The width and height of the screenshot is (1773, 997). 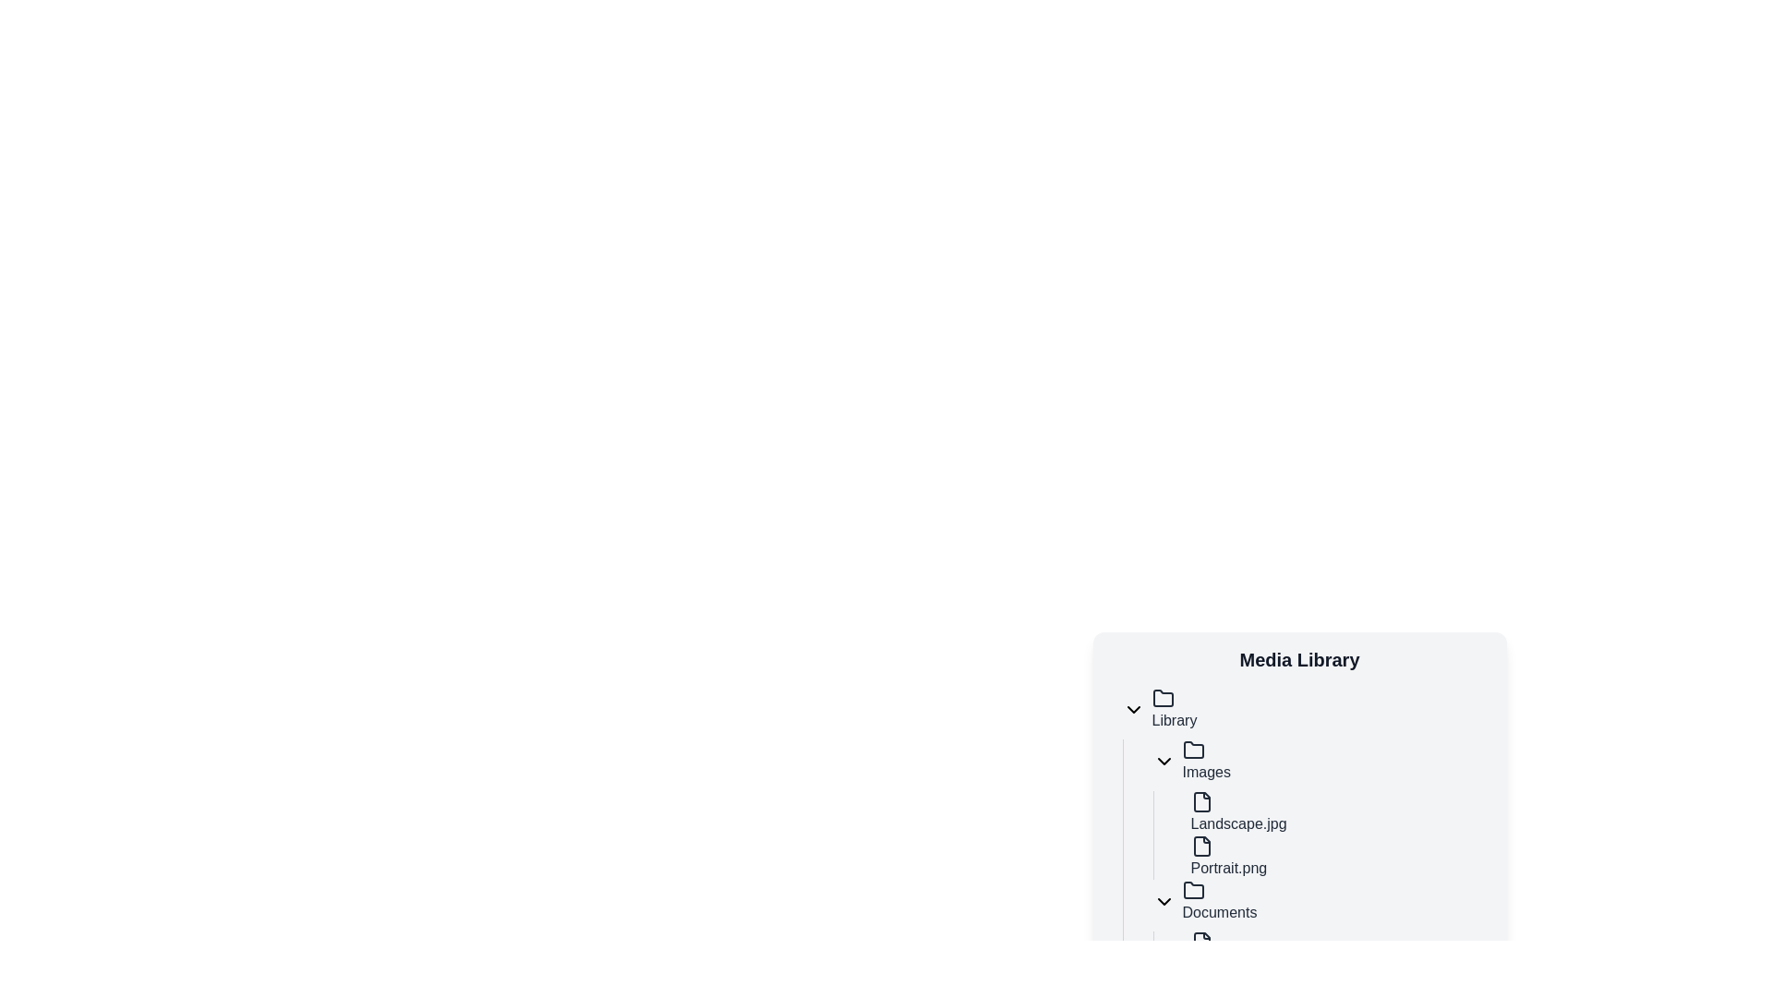 I want to click on the text label 'Landscape.jpg' which is styled with gray color and medium weight, located to the right of a file icon in the 'Images' folder of the 'Media Library', so click(x=1238, y=811).